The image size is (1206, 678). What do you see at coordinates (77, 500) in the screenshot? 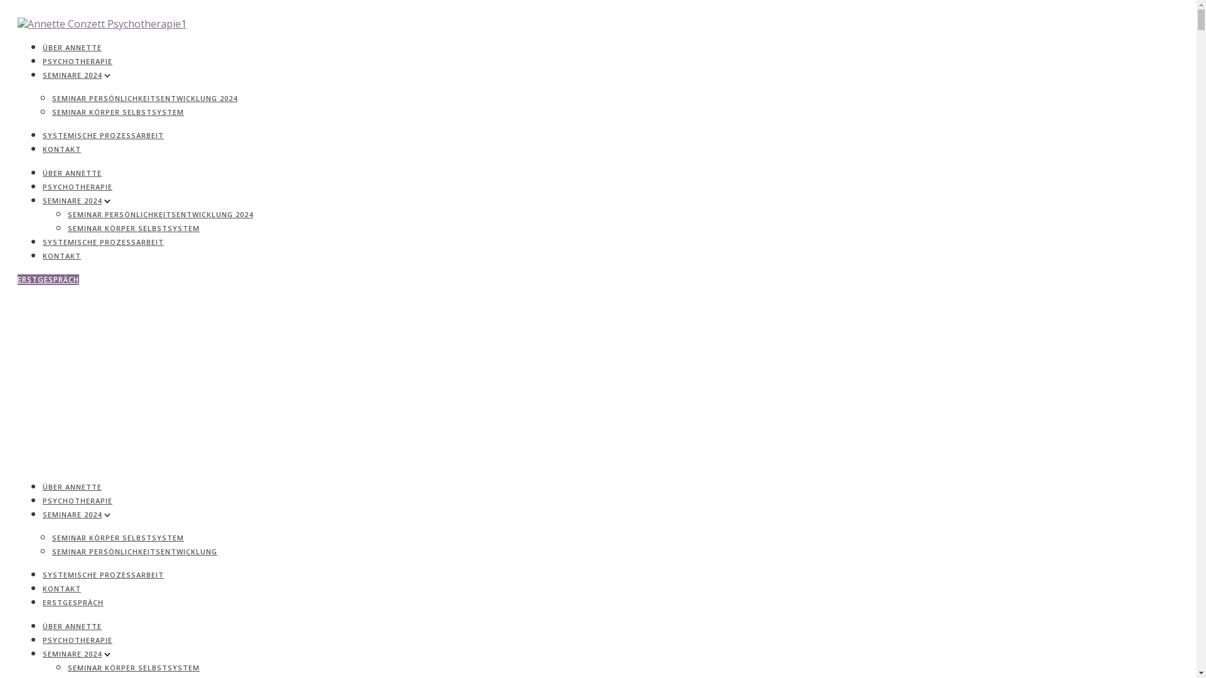
I see `'PSYCHOTHERAPIE'` at bounding box center [77, 500].